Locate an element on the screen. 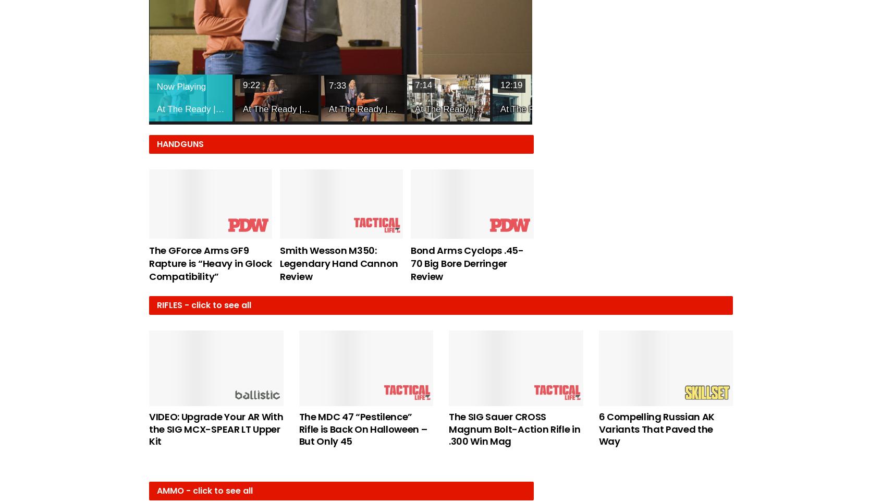 This screenshot has height=502, width=882. '6 Compelling Russian AK Variants That Paved the Way' is located at coordinates (656, 428).